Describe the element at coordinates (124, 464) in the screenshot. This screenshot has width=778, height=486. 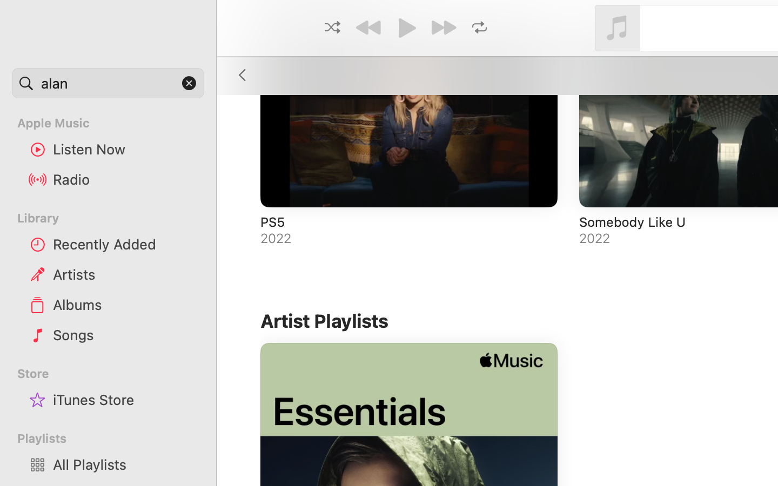
I see `'All Playlists'` at that location.